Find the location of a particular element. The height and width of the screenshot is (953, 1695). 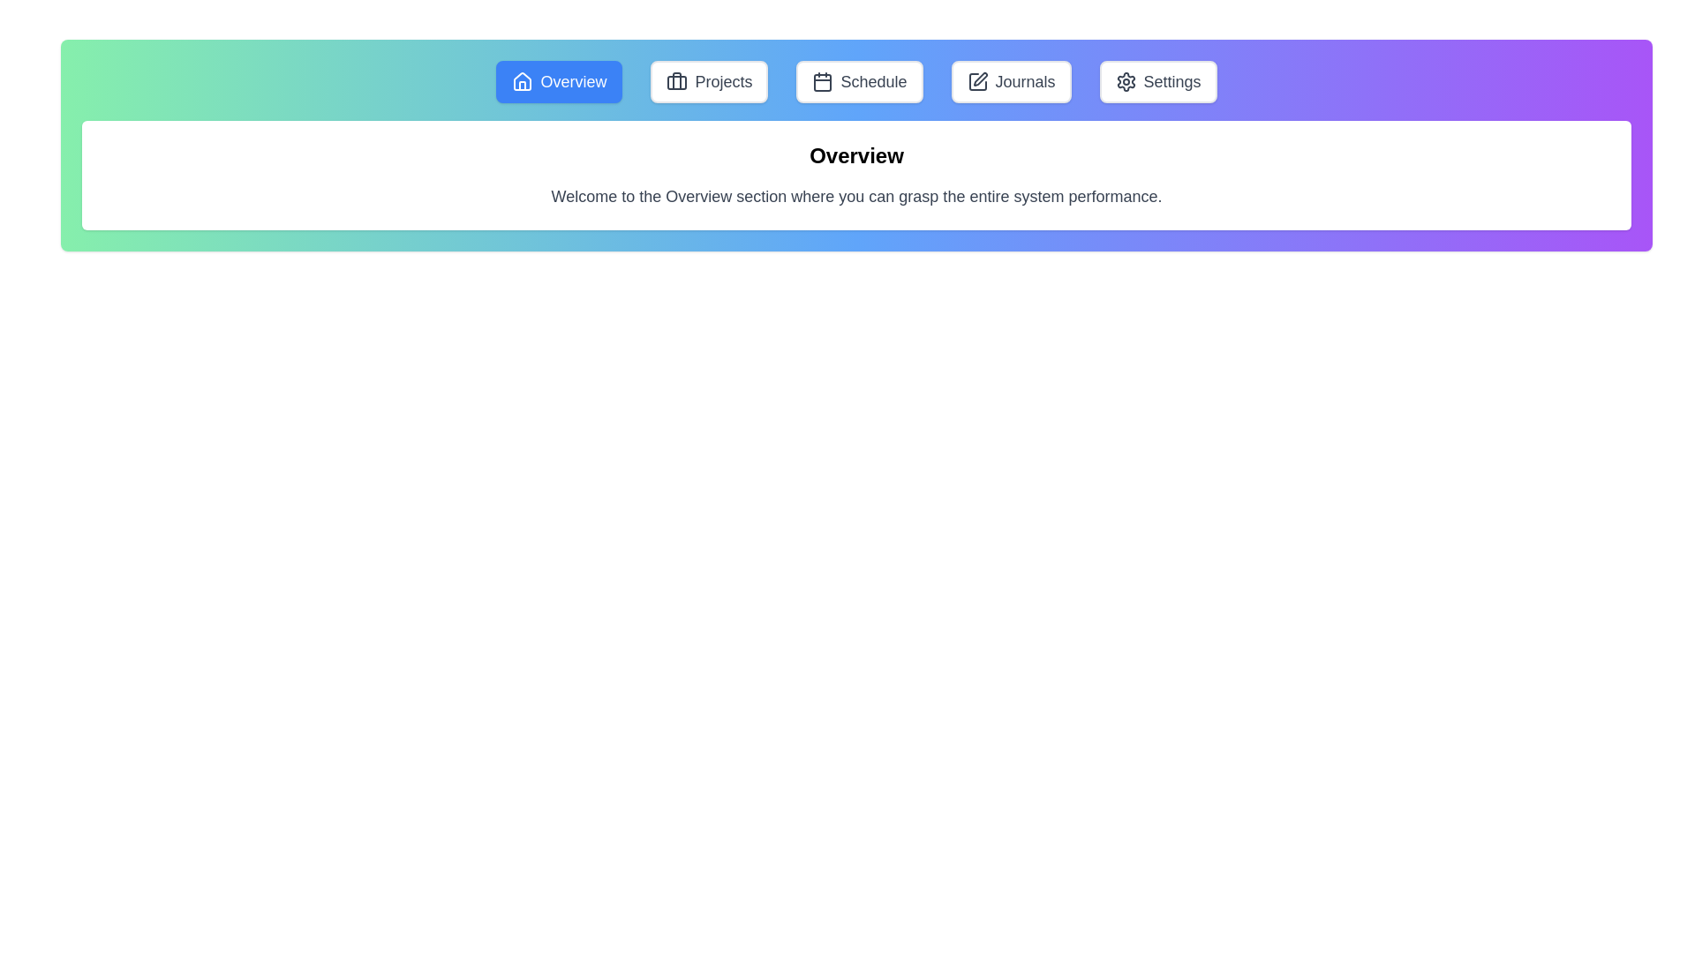

the calendar icon in the navigation bar, which is styled with dark line art on a light background and is positioned left of the 'Schedule' button is located at coordinates (822, 81).